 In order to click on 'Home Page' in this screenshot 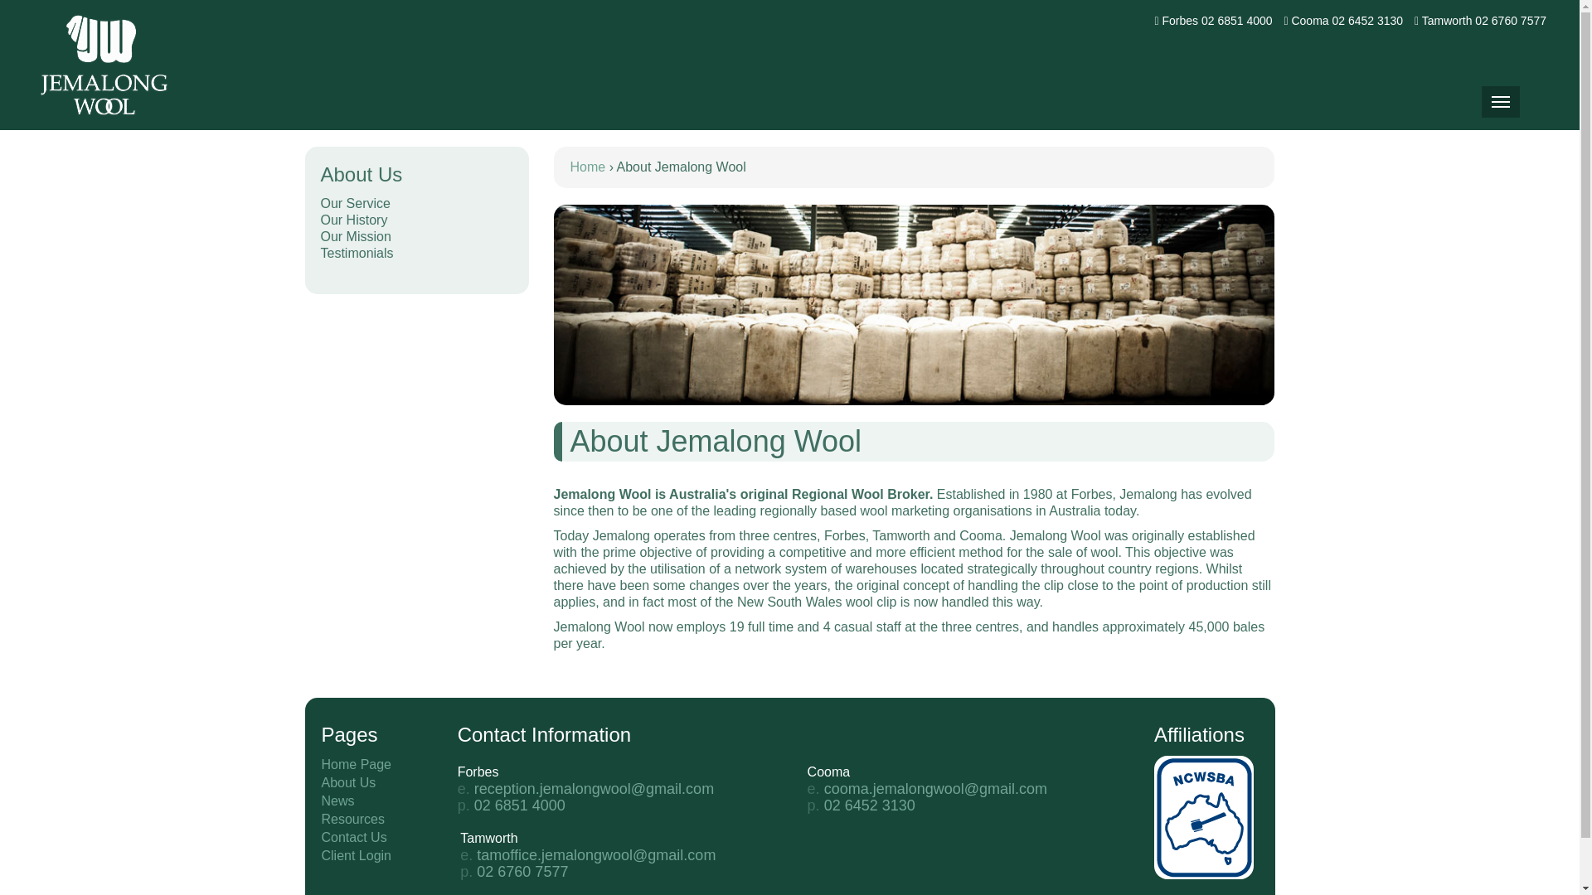, I will do `click(356, 764)`.